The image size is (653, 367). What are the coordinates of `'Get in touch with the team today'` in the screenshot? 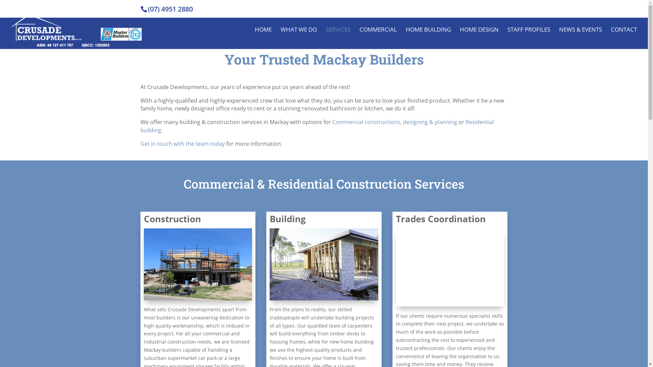 It's located at (182, 143).